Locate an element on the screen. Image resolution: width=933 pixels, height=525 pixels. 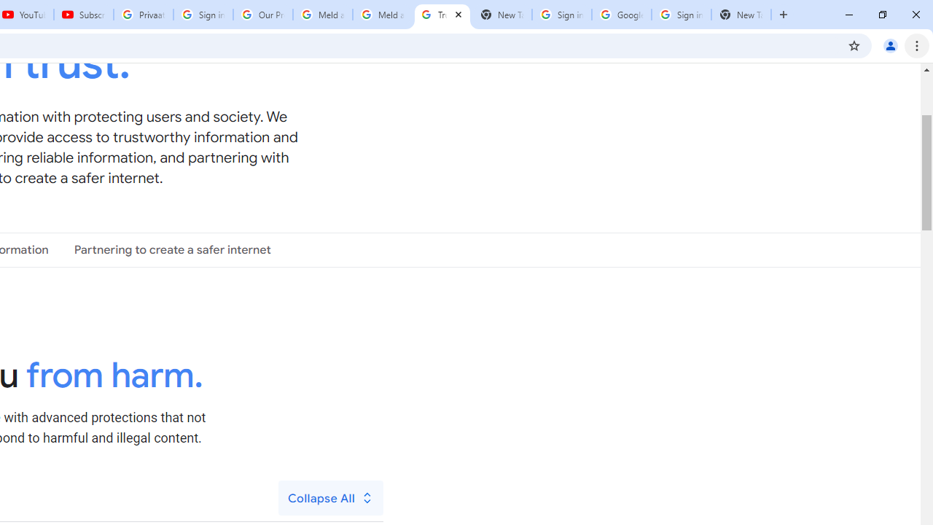
'New Tab' is located at coordinates (741, 15).